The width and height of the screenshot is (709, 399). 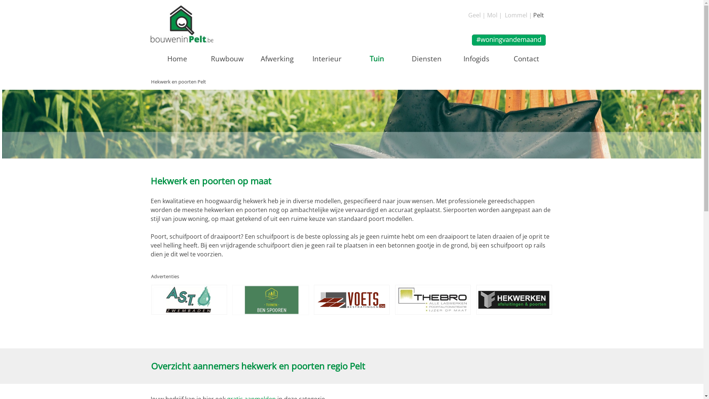 I want to click on 'Mol |', so click(x=494, y=15).